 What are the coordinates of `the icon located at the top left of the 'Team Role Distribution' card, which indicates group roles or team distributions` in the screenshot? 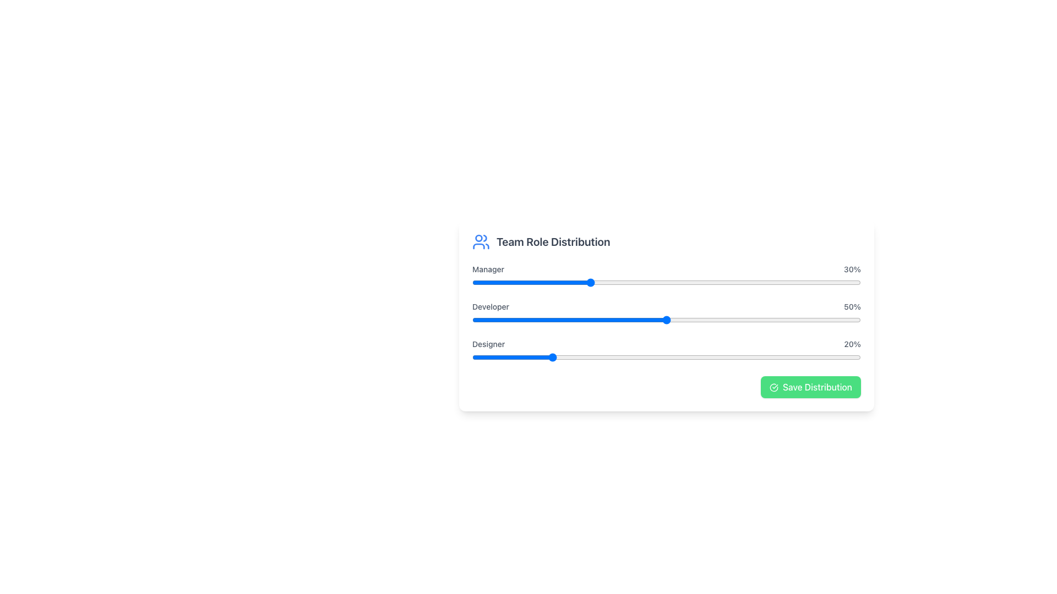 It's located at (481, 241).